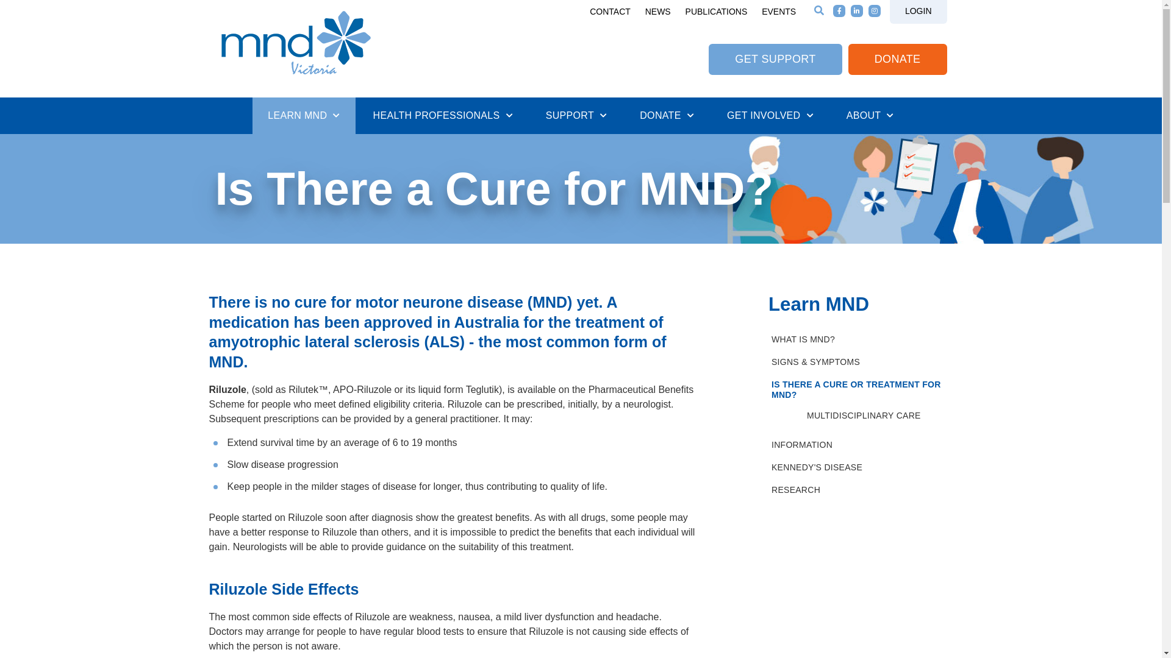  I want to click on 'SUPPORT', so click(576, 115).